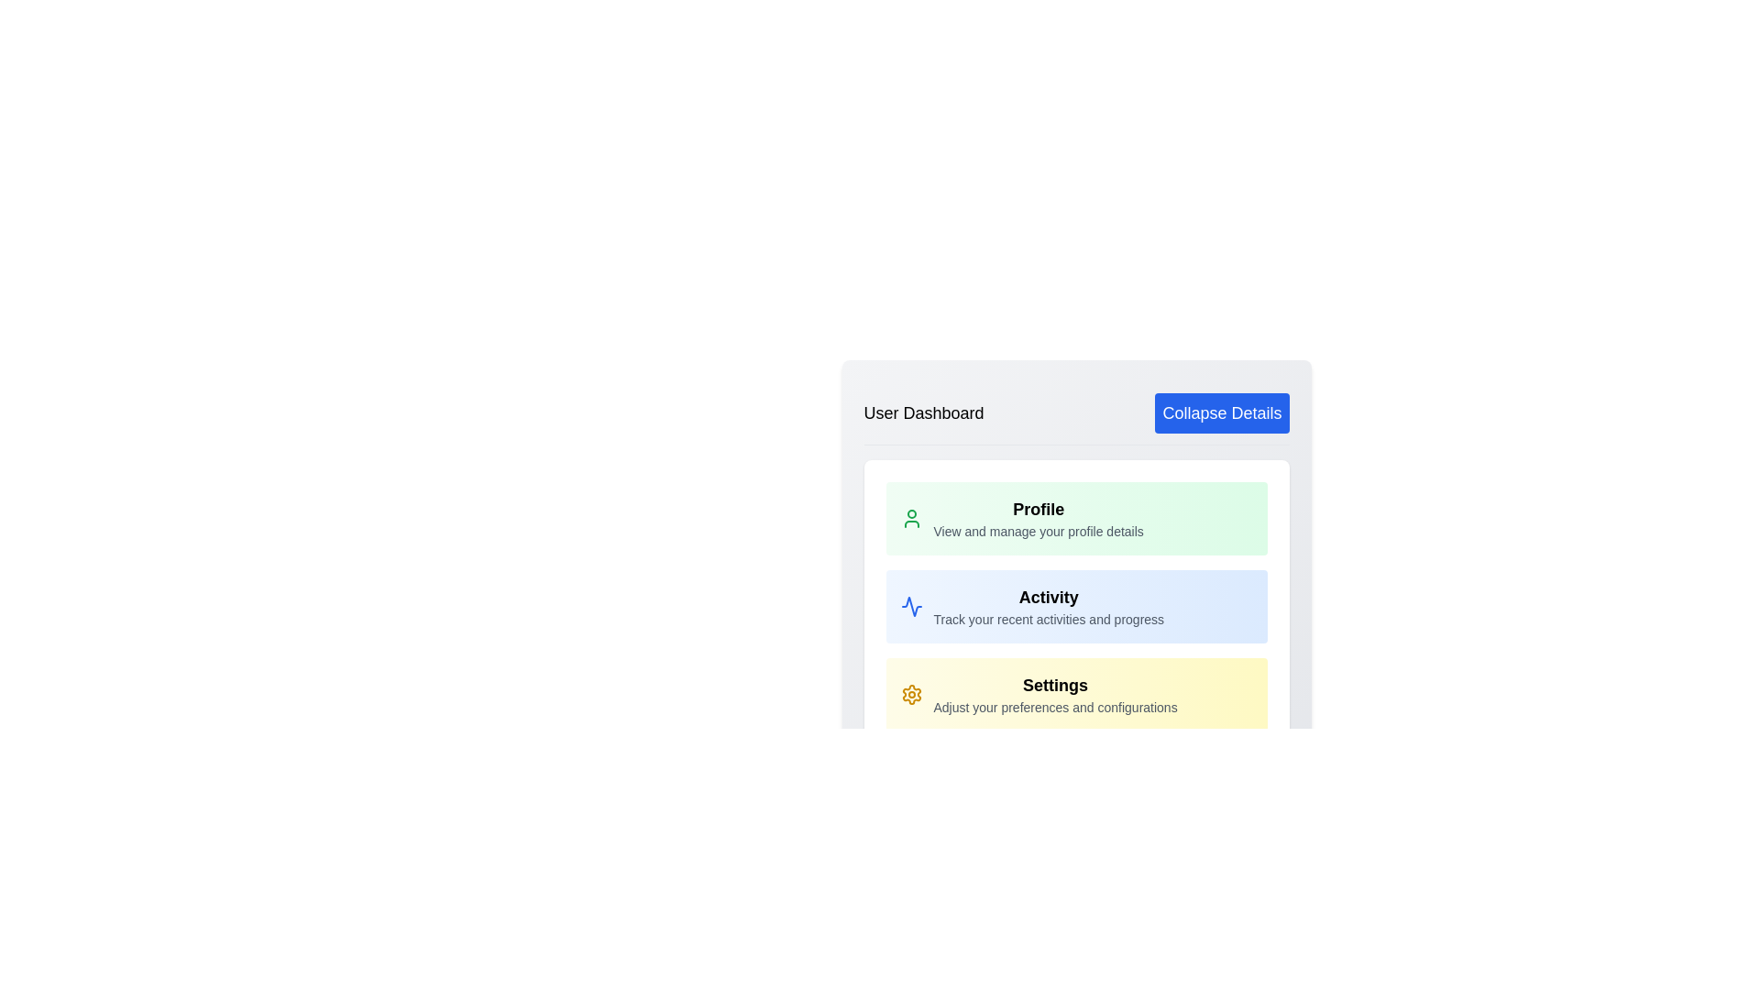 This screenshot has height=990, width=1760. Describe the element at coordinates (1055, 695) in the screenshot. I see `description of the settings options in the third card of the User Dashboard section, which provides further configurations or detailed settings pages when clicked` at that location.